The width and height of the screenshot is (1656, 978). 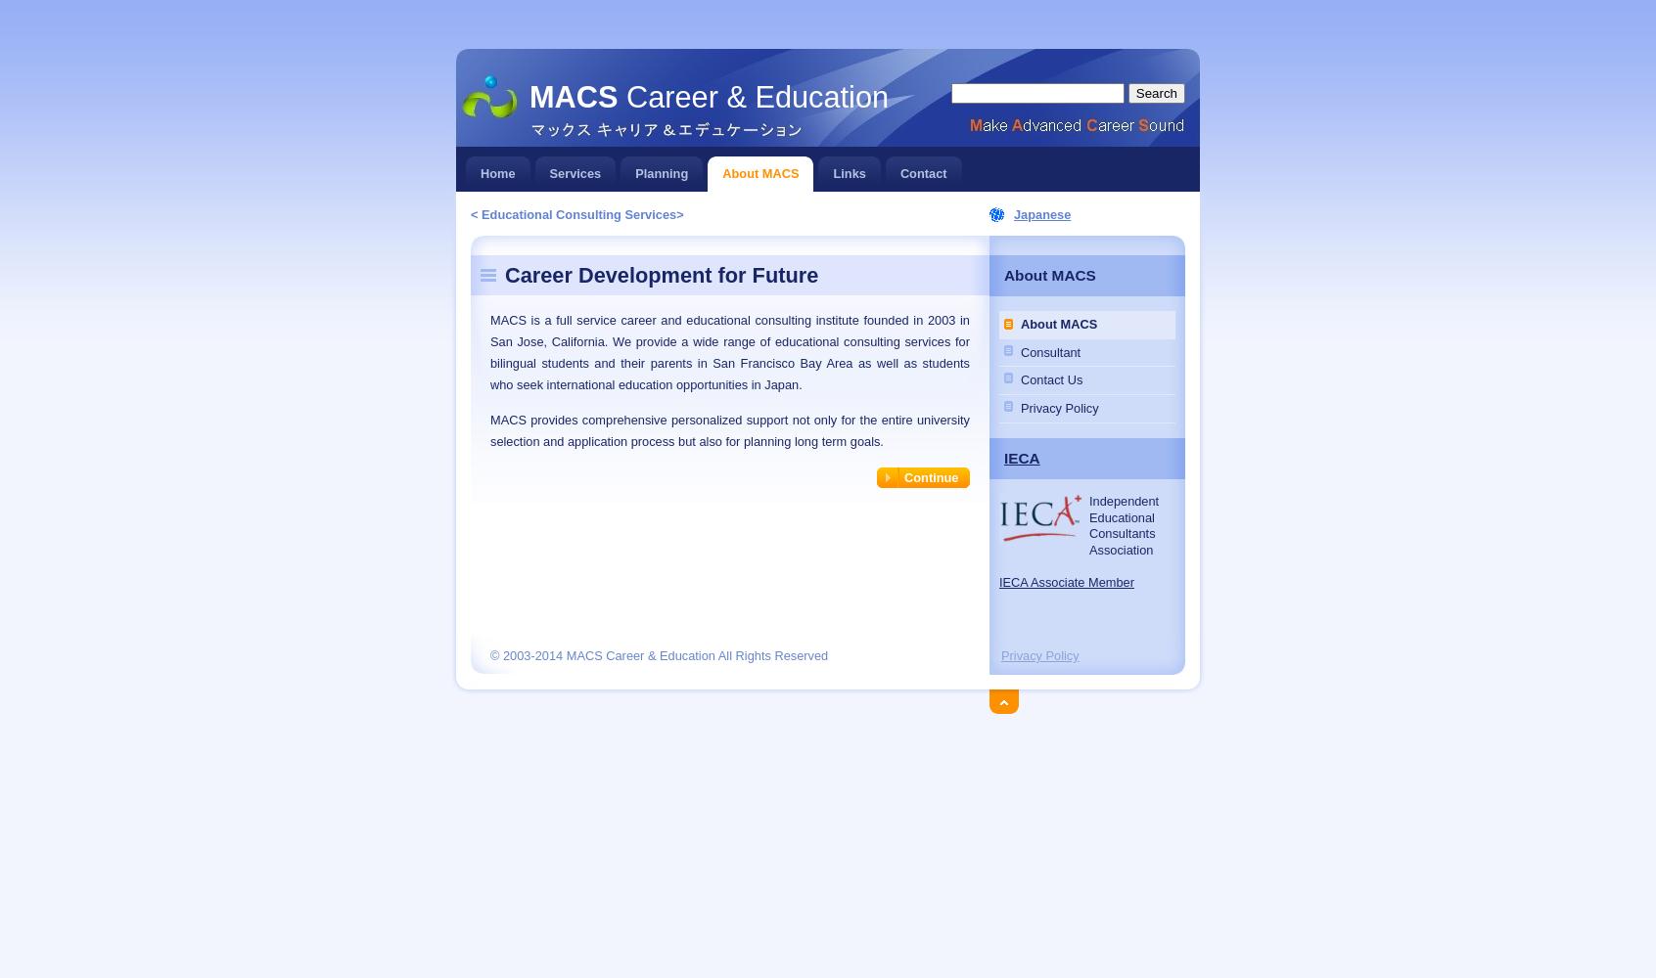 I want to click on 'Consultants', so click(x=1121, y=533).